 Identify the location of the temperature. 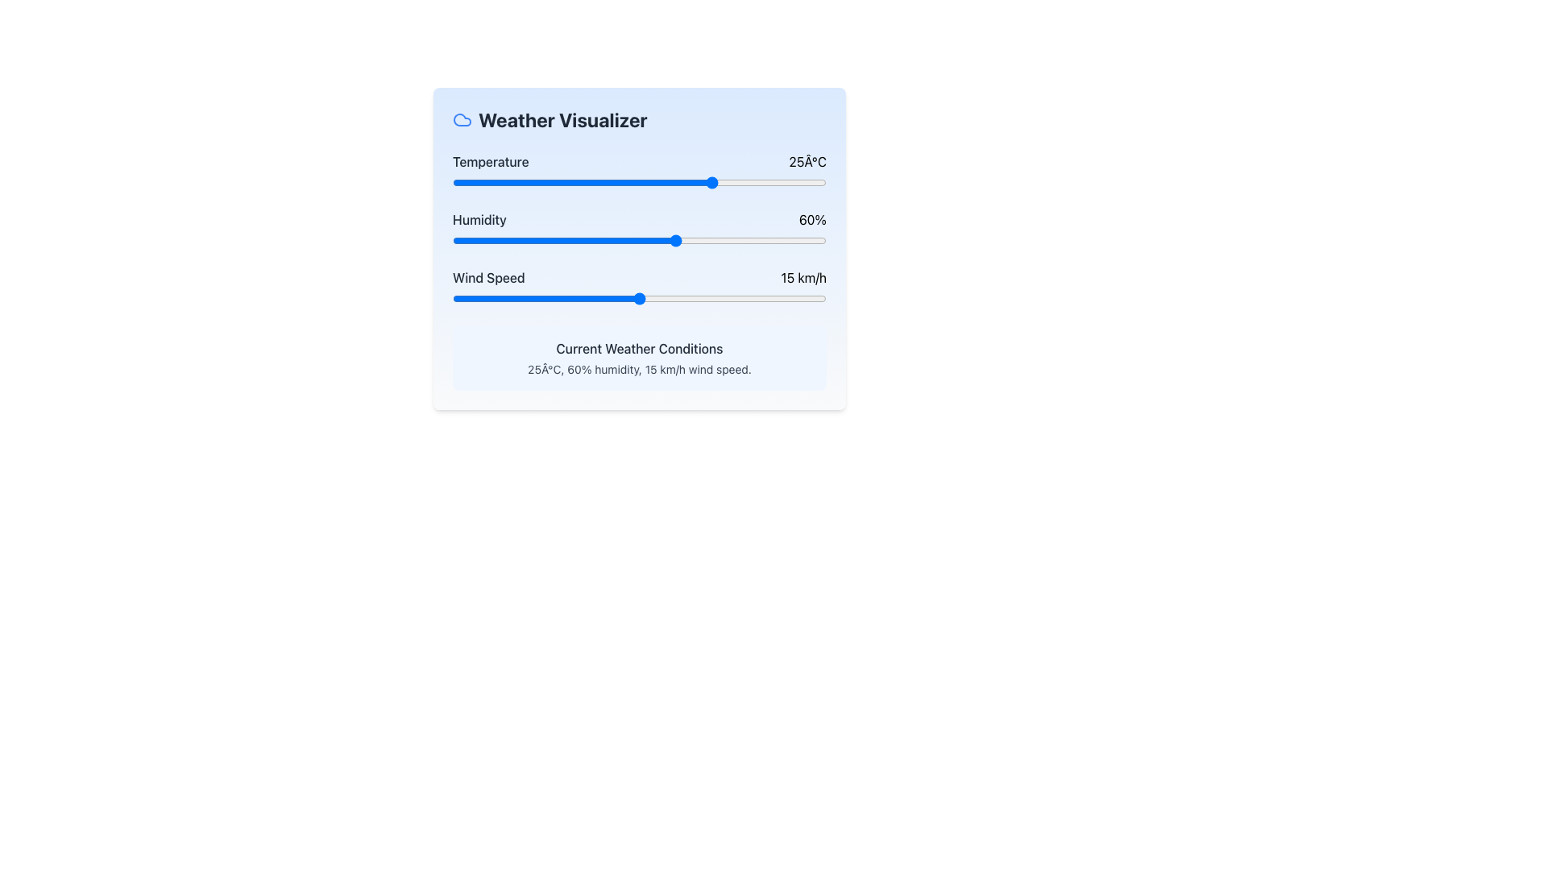
(699, 182).